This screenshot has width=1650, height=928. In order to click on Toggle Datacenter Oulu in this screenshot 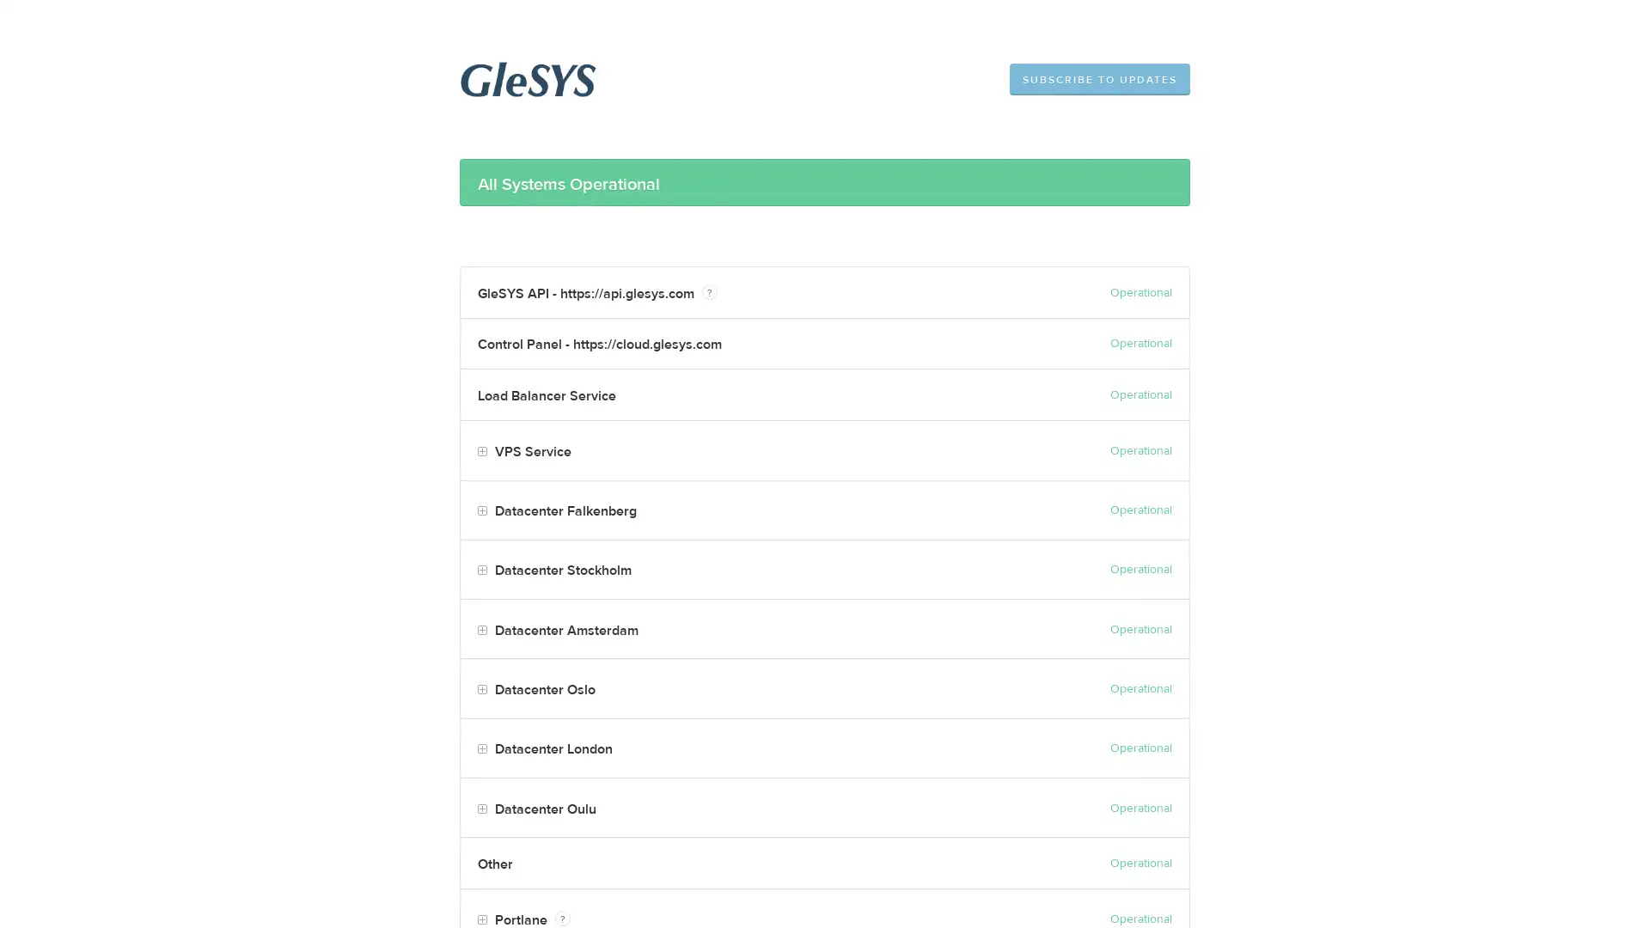, I will do `click(481, 809)`.